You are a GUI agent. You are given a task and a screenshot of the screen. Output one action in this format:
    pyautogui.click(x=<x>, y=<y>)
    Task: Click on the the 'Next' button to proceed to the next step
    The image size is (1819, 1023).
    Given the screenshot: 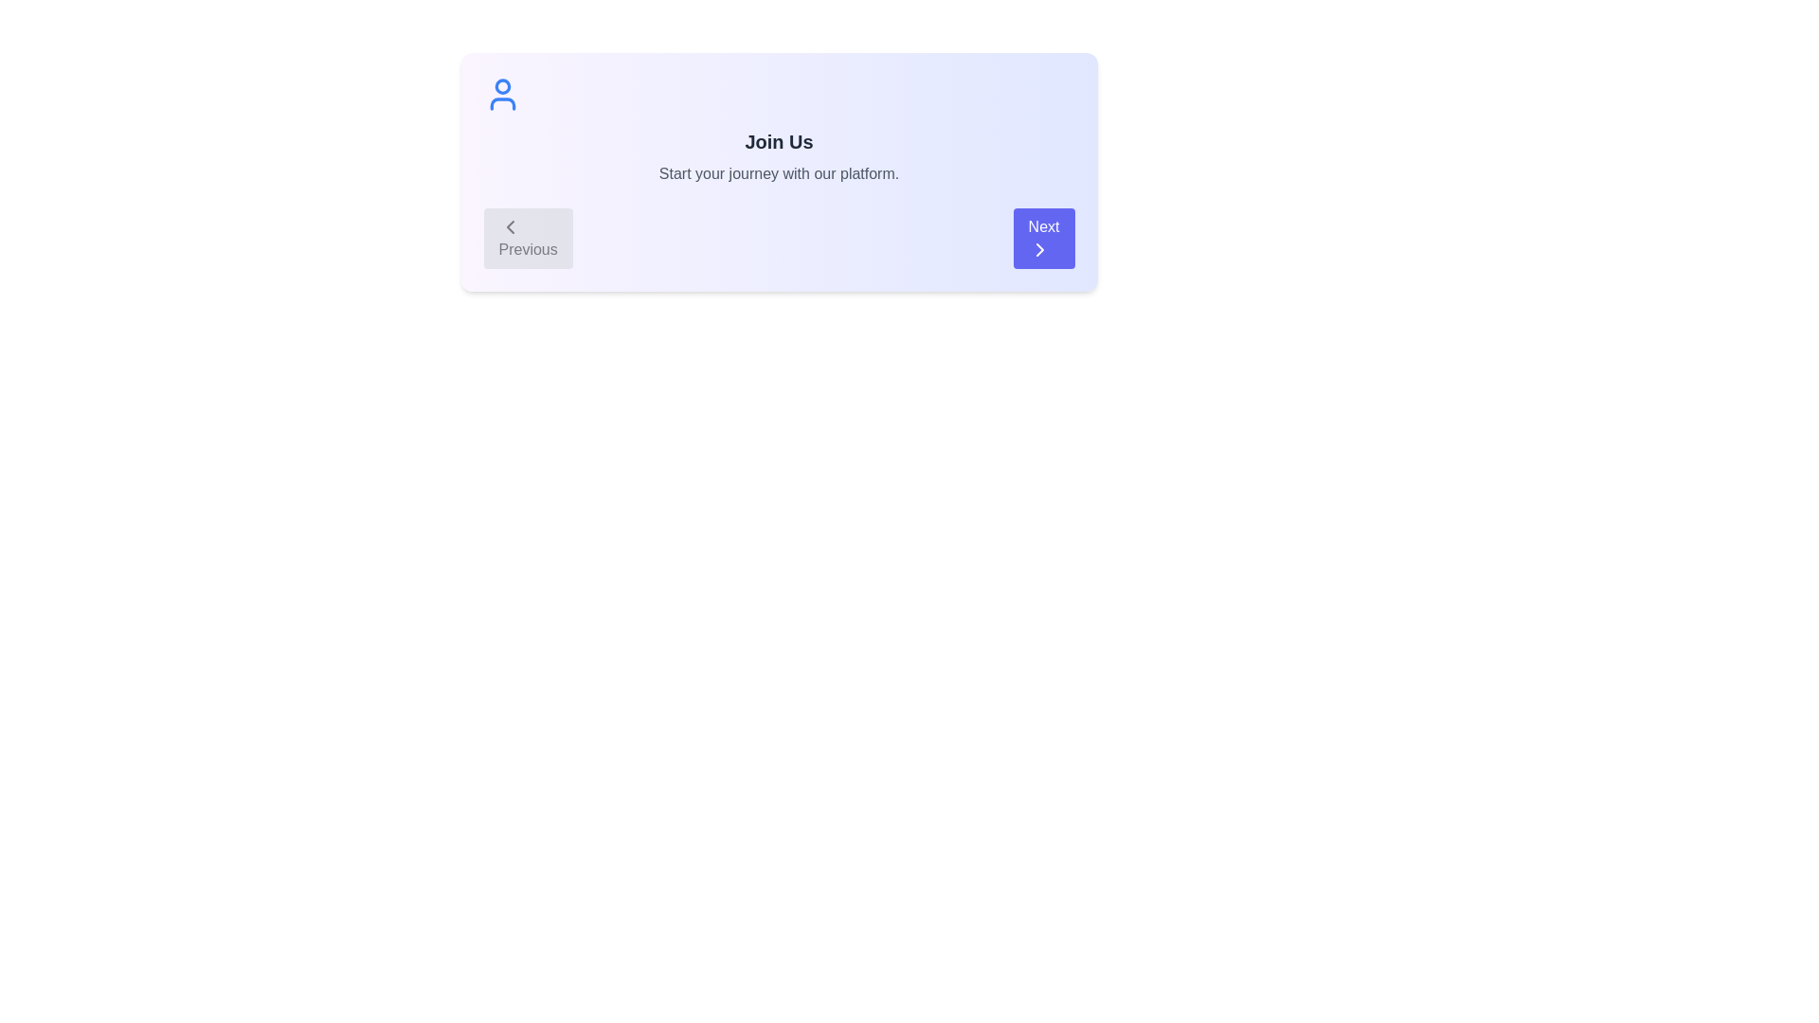 What is the action you would take?
    pyautogui.click(x=1043, y=237)
    